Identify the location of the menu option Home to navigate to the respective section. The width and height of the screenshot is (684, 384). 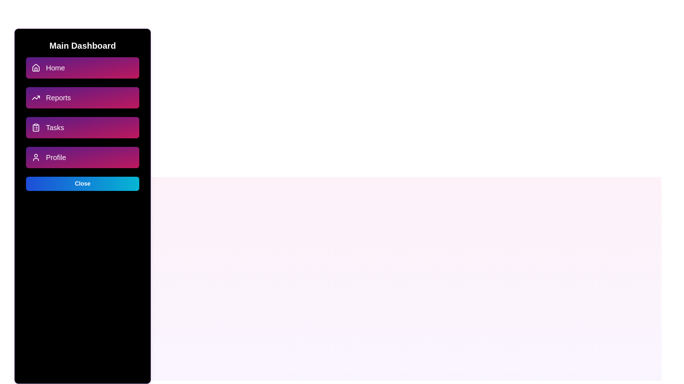
(82, 68).